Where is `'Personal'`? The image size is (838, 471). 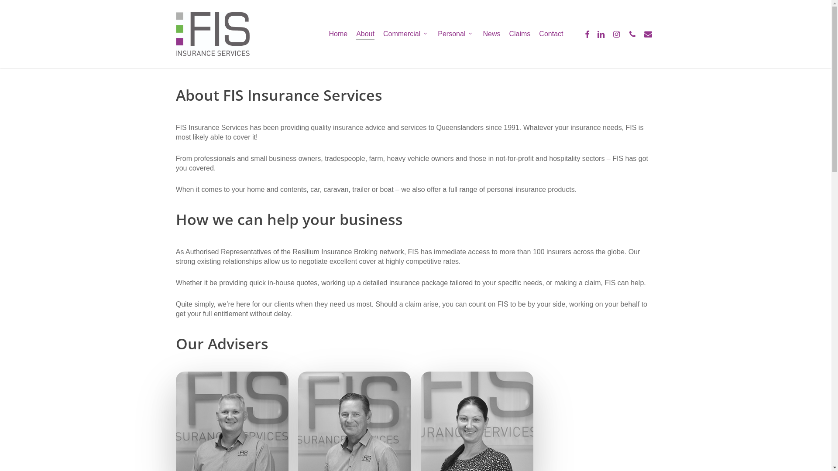 'Personal' is located at coordinates (455, 33).